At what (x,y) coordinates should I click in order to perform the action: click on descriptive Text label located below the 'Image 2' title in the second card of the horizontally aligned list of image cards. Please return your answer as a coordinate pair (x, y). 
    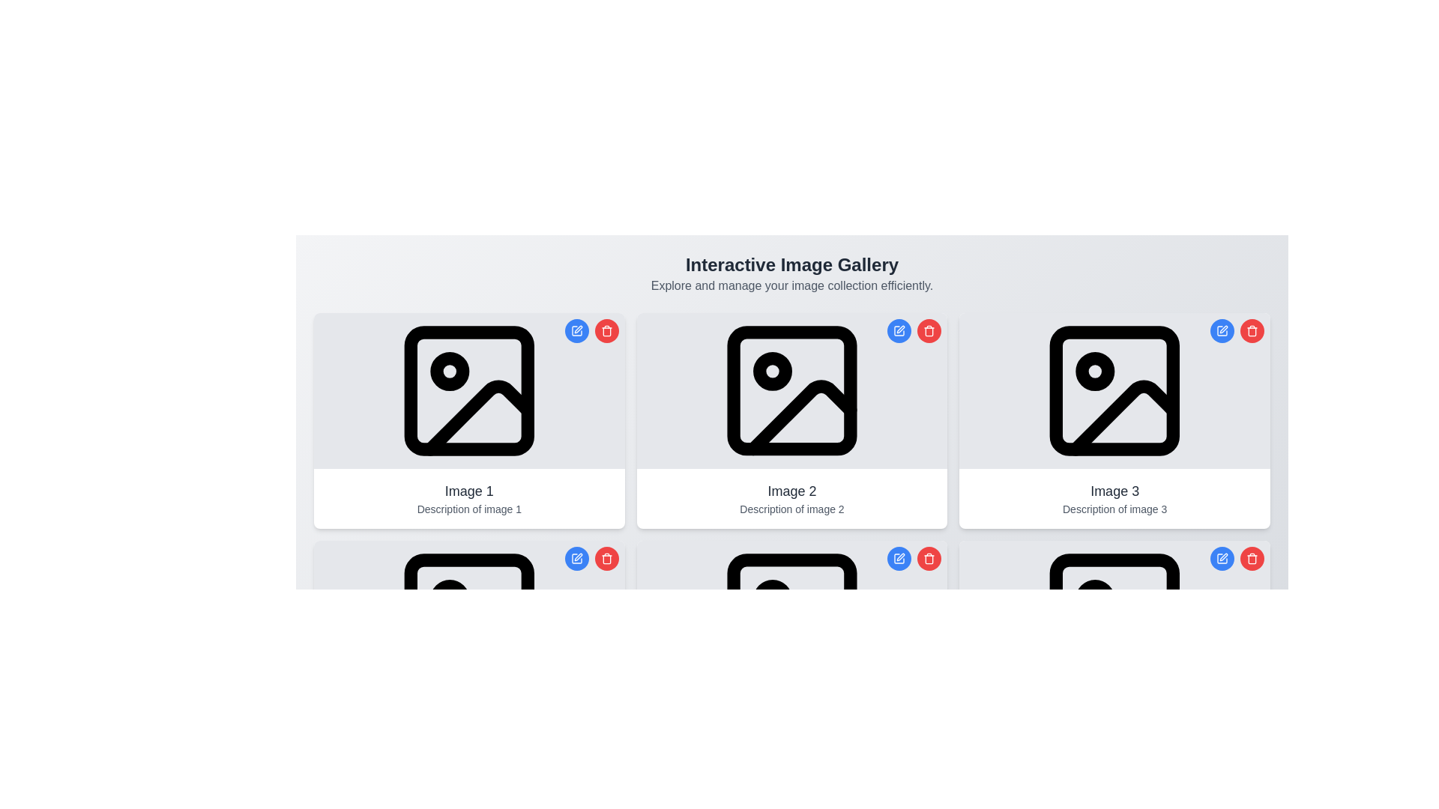
    Looking at the image, I should click on (791, 508).